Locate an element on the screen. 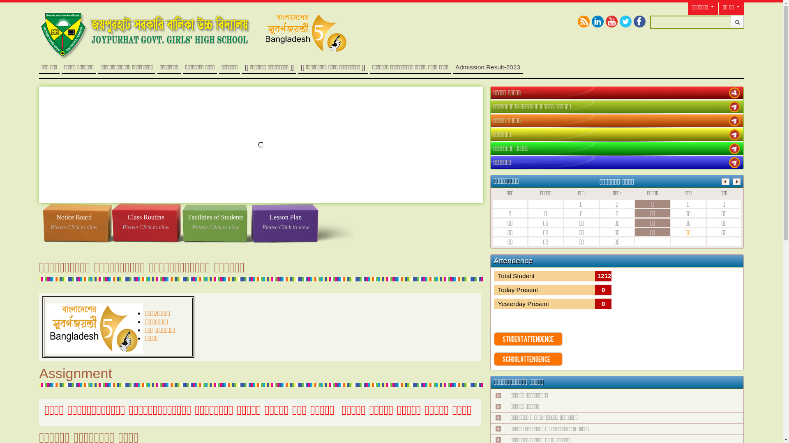  'School Attendence' is located at coordinates (528, 359).